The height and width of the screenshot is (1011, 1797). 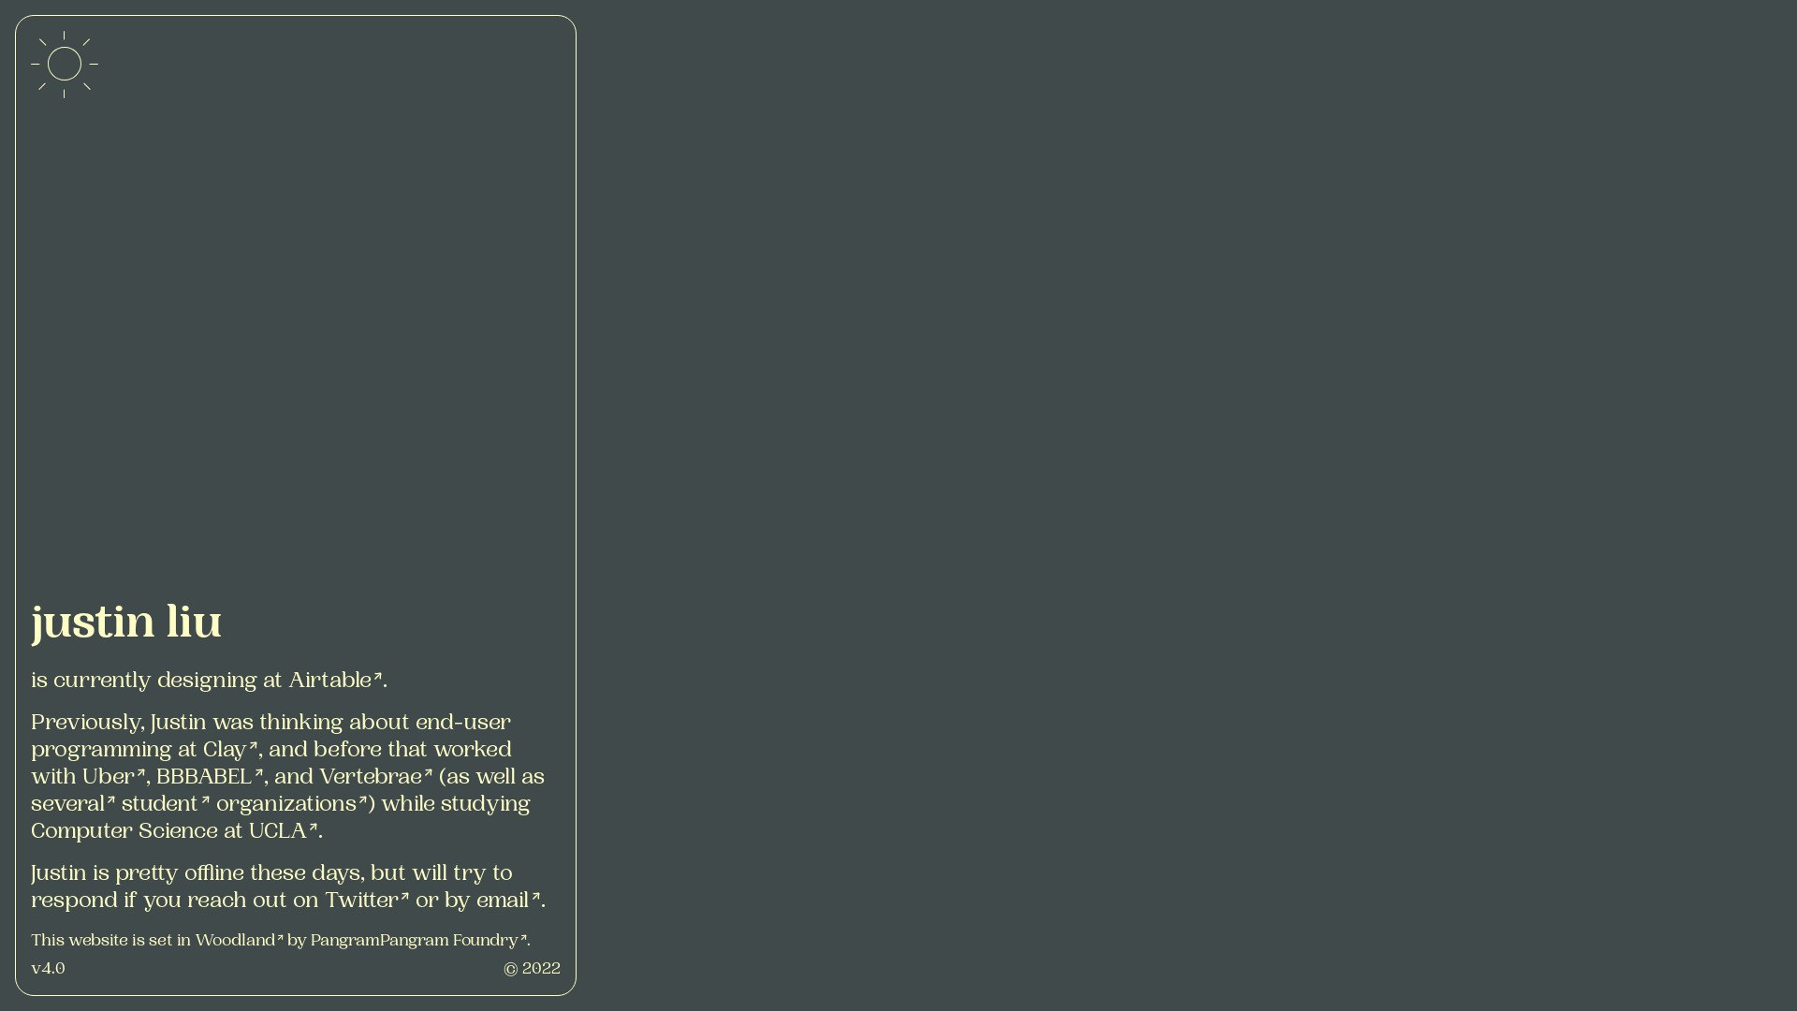 I want to click on 'UCLA', so click(x=282, y=832).